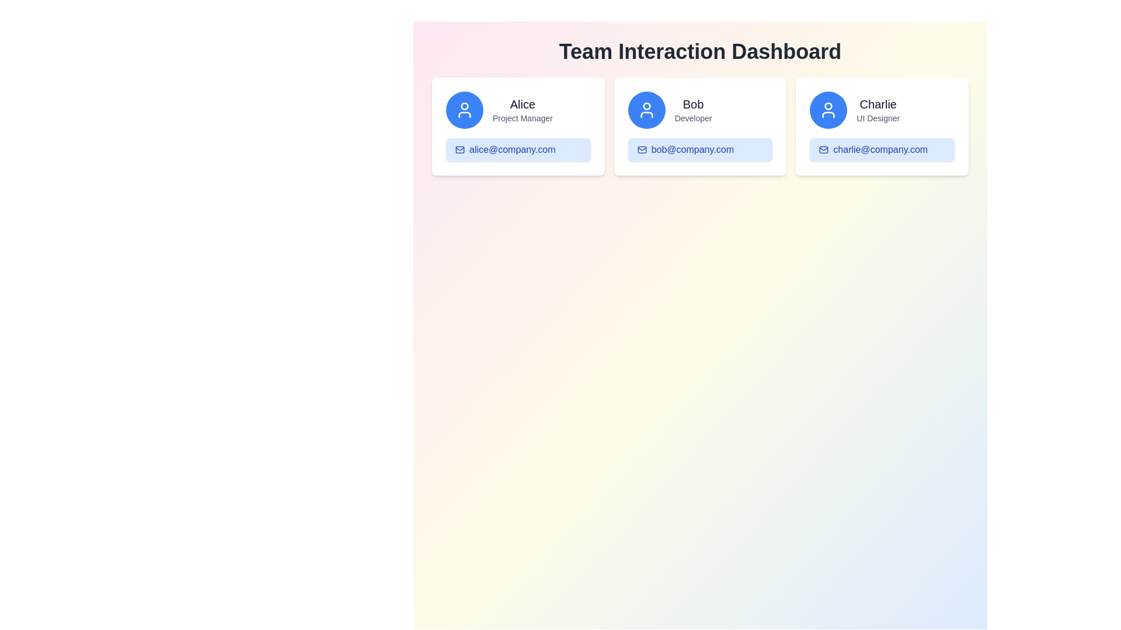  What do you see at coordinates (693, 110) in the screenshot?
I see `the text content displaying the name and role of an individual within the user information card, located in the center of the middle card in a row of three cards` at bounding box center [693, 110].